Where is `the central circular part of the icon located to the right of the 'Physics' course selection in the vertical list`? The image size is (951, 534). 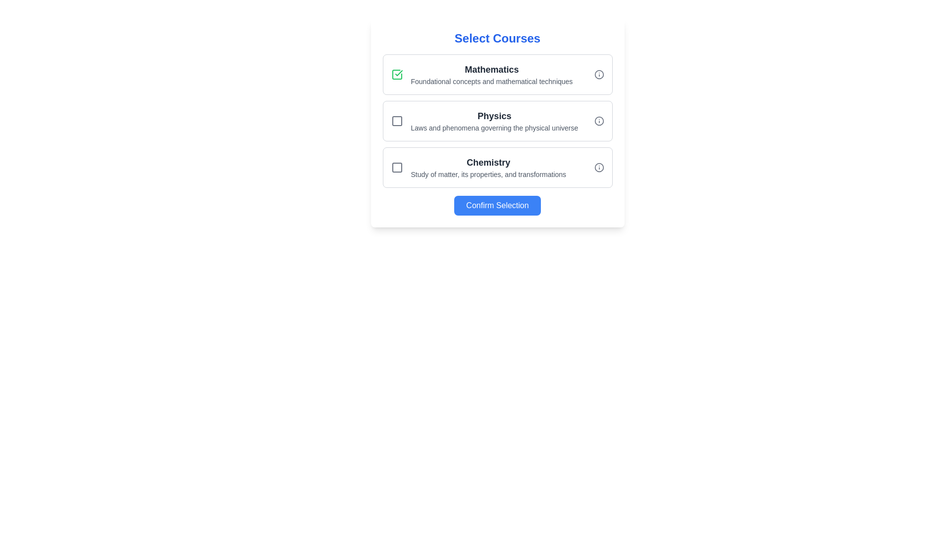 the central circular part of the icon located to the right of the 'Physics' course selection in the vertical list is located at coordinates (598, 121).